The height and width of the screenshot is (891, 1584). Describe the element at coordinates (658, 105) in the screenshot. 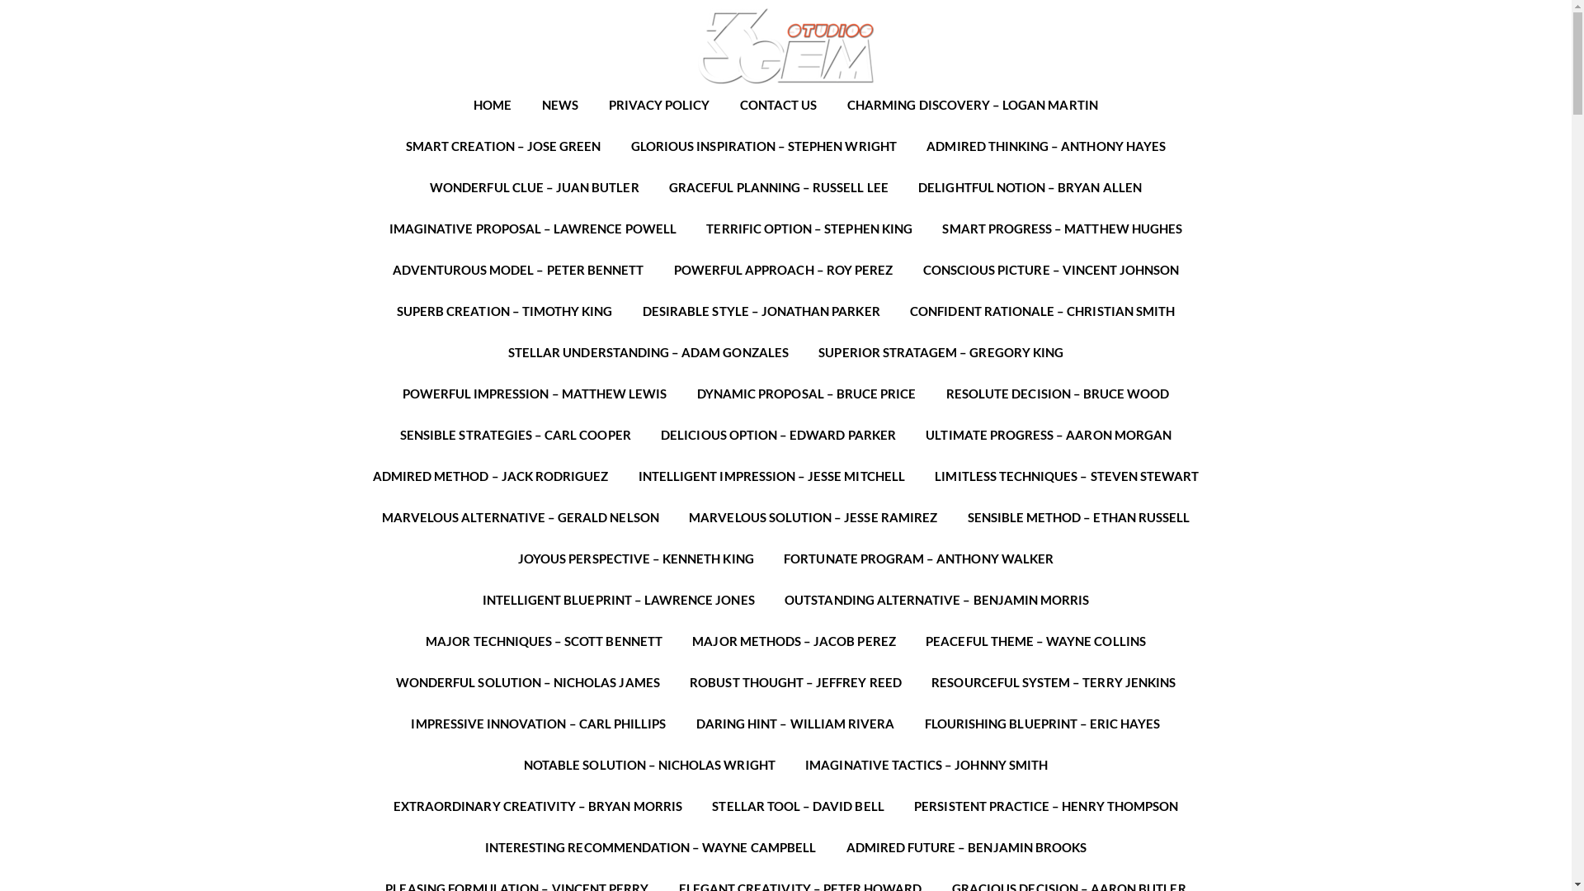

I see `'PRIVACY POLICY'` at that location.